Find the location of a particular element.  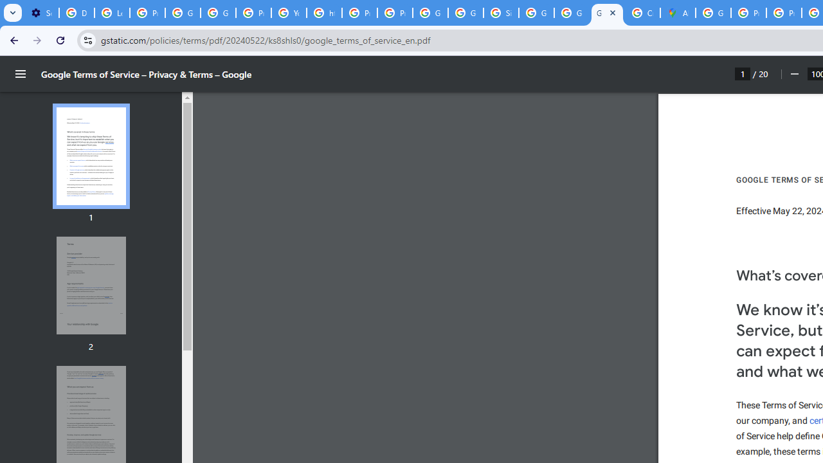

'Zoom out' is located at coordinates (793, 74).